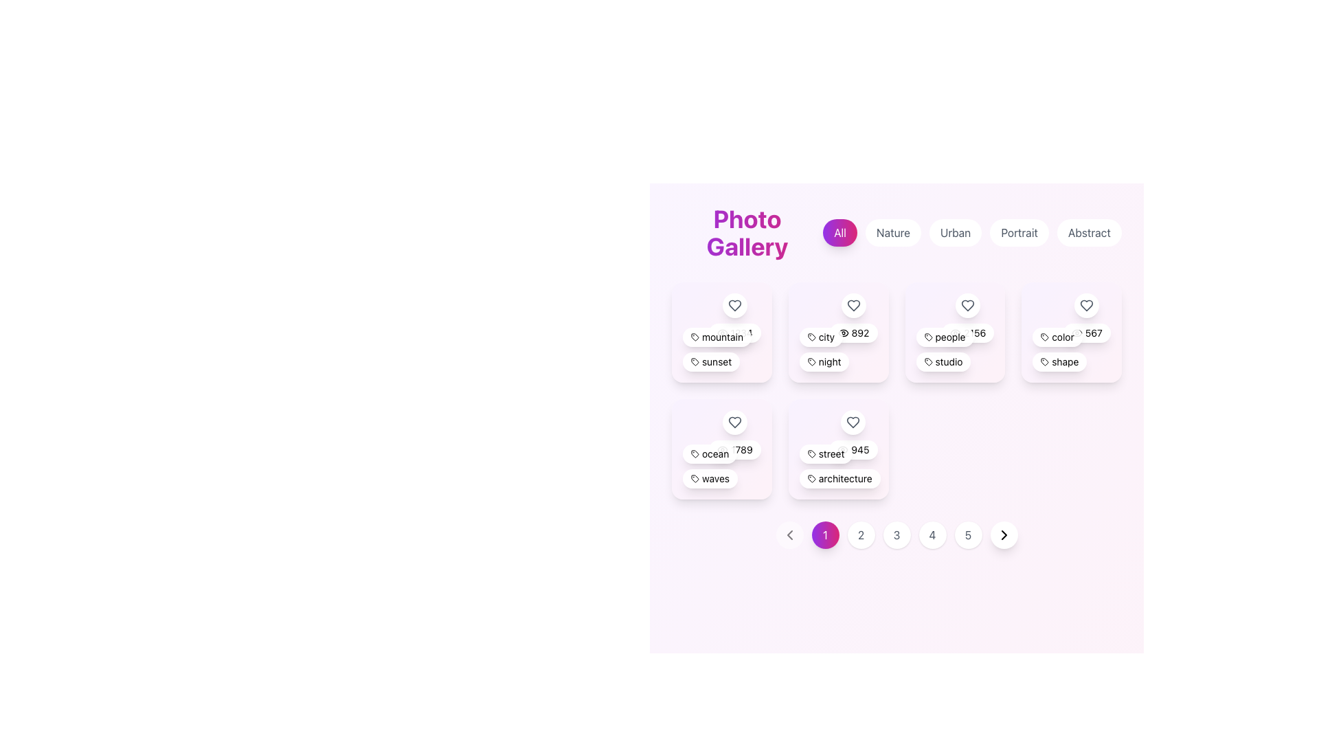  I want to click on the heart-shaped icon button outlined in dark gray located in the top-right corner of the fourth card in the grid layout, so click(1086, 304).